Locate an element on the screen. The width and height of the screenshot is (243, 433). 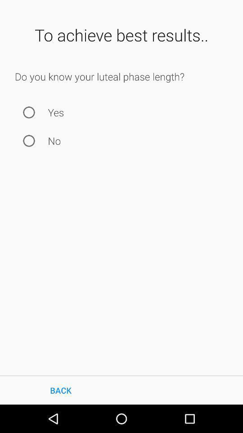
icon to the left of the yes item is located at coordinates (29, 112).